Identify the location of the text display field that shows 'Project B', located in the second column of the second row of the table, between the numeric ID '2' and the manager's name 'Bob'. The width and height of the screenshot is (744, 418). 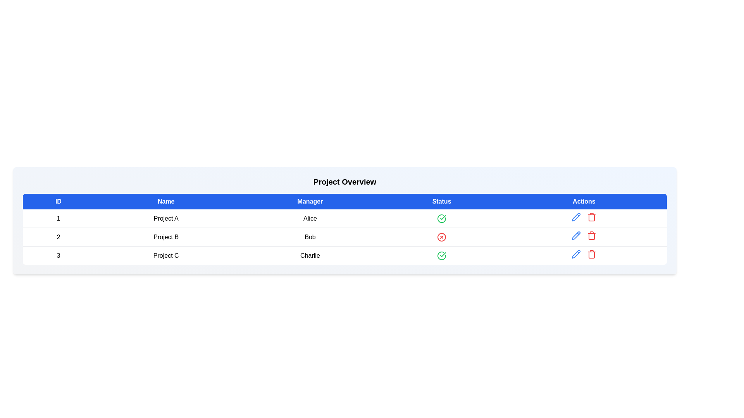
(165, 236).